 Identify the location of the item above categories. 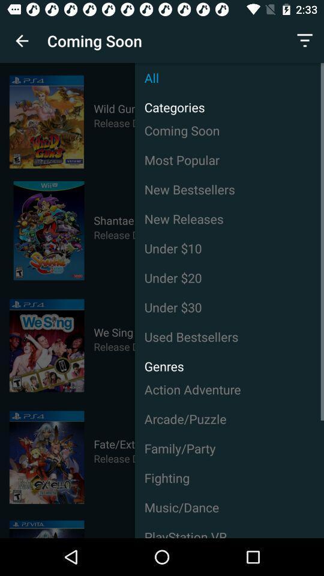
(229, 77).